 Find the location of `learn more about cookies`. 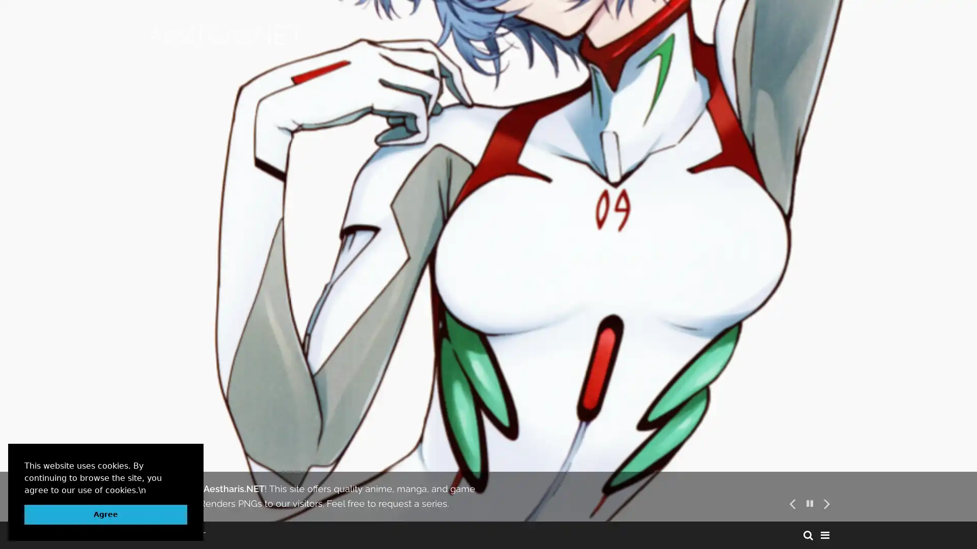

learn more about cookies is located at coordinates (149, 490).